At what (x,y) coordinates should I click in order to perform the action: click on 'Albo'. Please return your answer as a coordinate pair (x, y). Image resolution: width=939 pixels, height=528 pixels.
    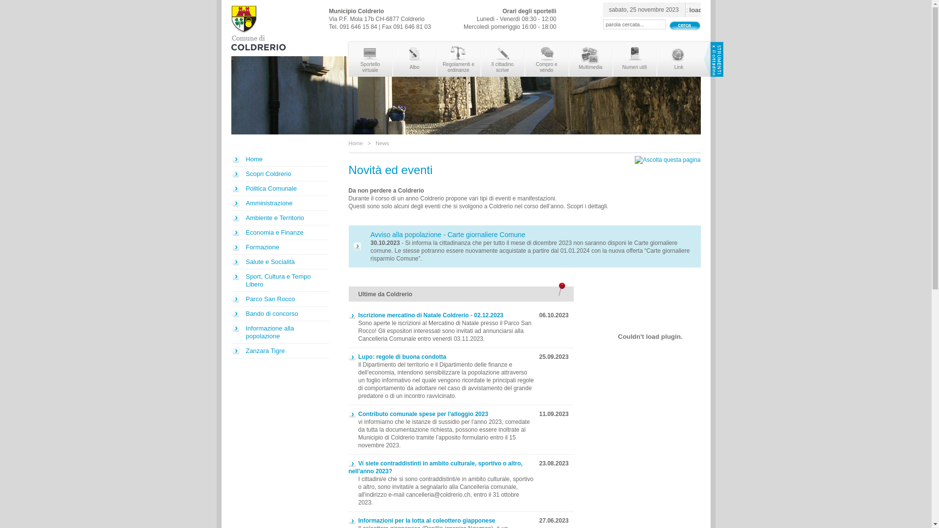
    Looking at the image, I should click on (415, 59).